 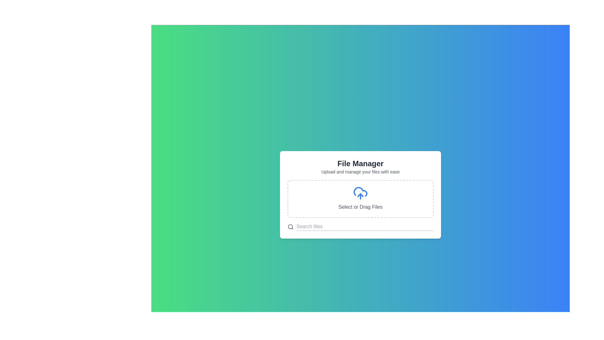 I want to click on the search icon located on the left within the 'File Manager' pop-up modal, so click(x=290, y=227).